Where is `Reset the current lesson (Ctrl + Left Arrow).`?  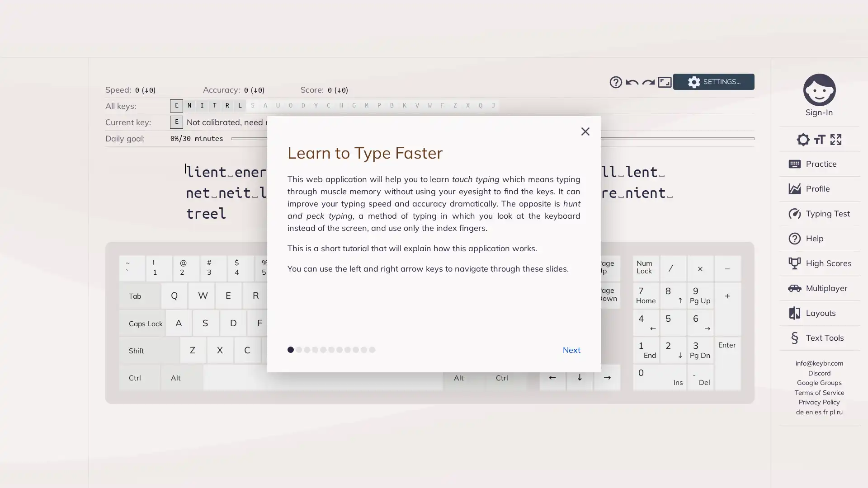 Reset the current lesson (Ctrl + Left Arrow). is located at coordinates (631, 82).